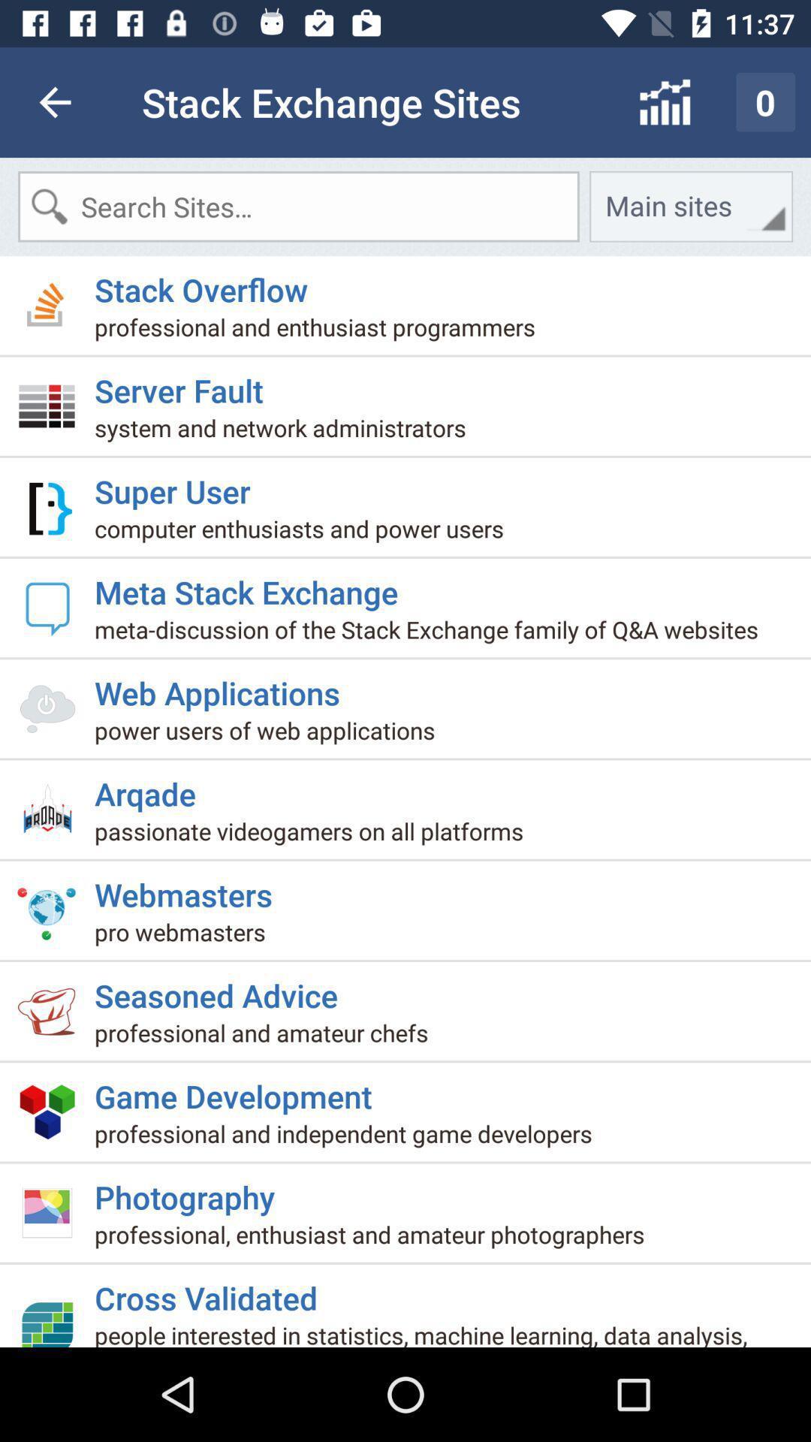 The height and width of the screenshot is (1442, 811). I want to click on server fault, so click(184, 384).